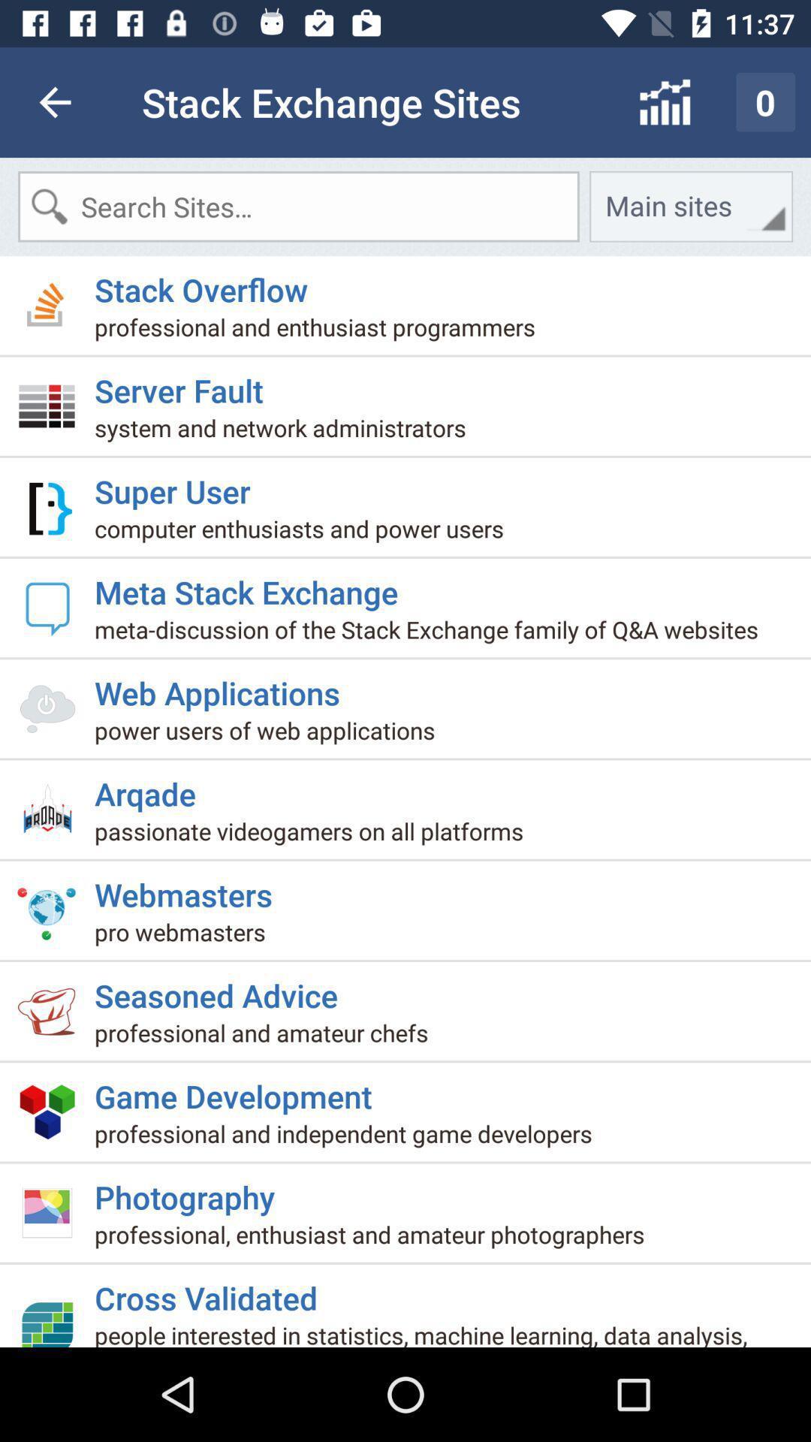 The height and width of the screenshot is (1442, 811). I want to click on server fault, so click(184, 384).